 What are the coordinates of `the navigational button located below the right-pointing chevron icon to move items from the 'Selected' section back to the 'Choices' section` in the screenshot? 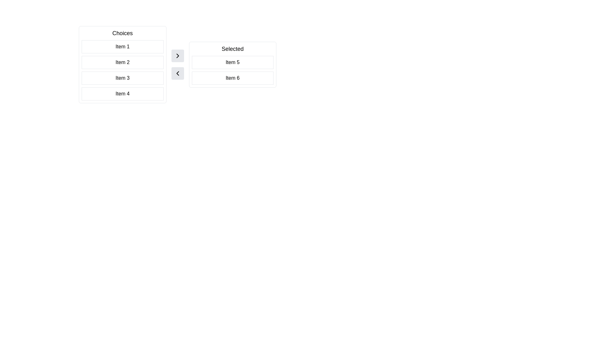 It's located at (177, 73).